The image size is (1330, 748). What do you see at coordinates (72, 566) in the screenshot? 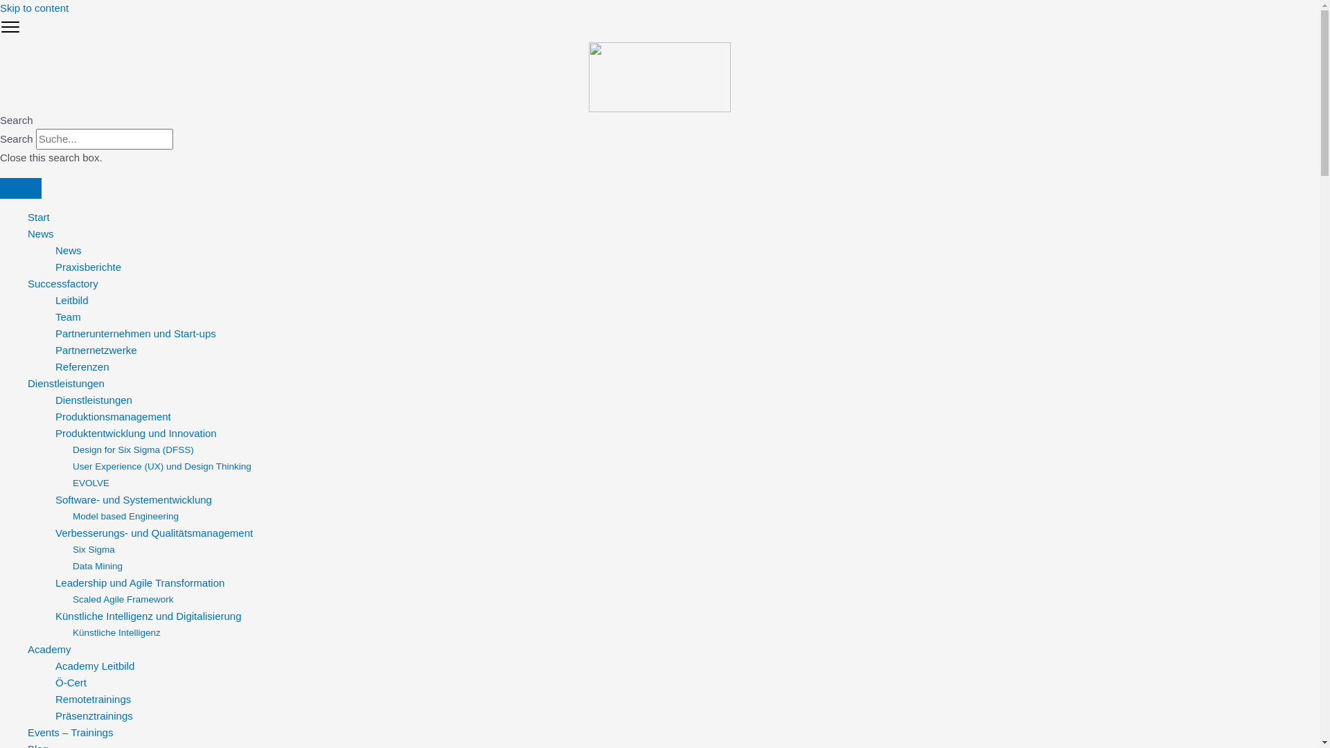
I see `'Data Mining'` at bounding box center [72, 566].